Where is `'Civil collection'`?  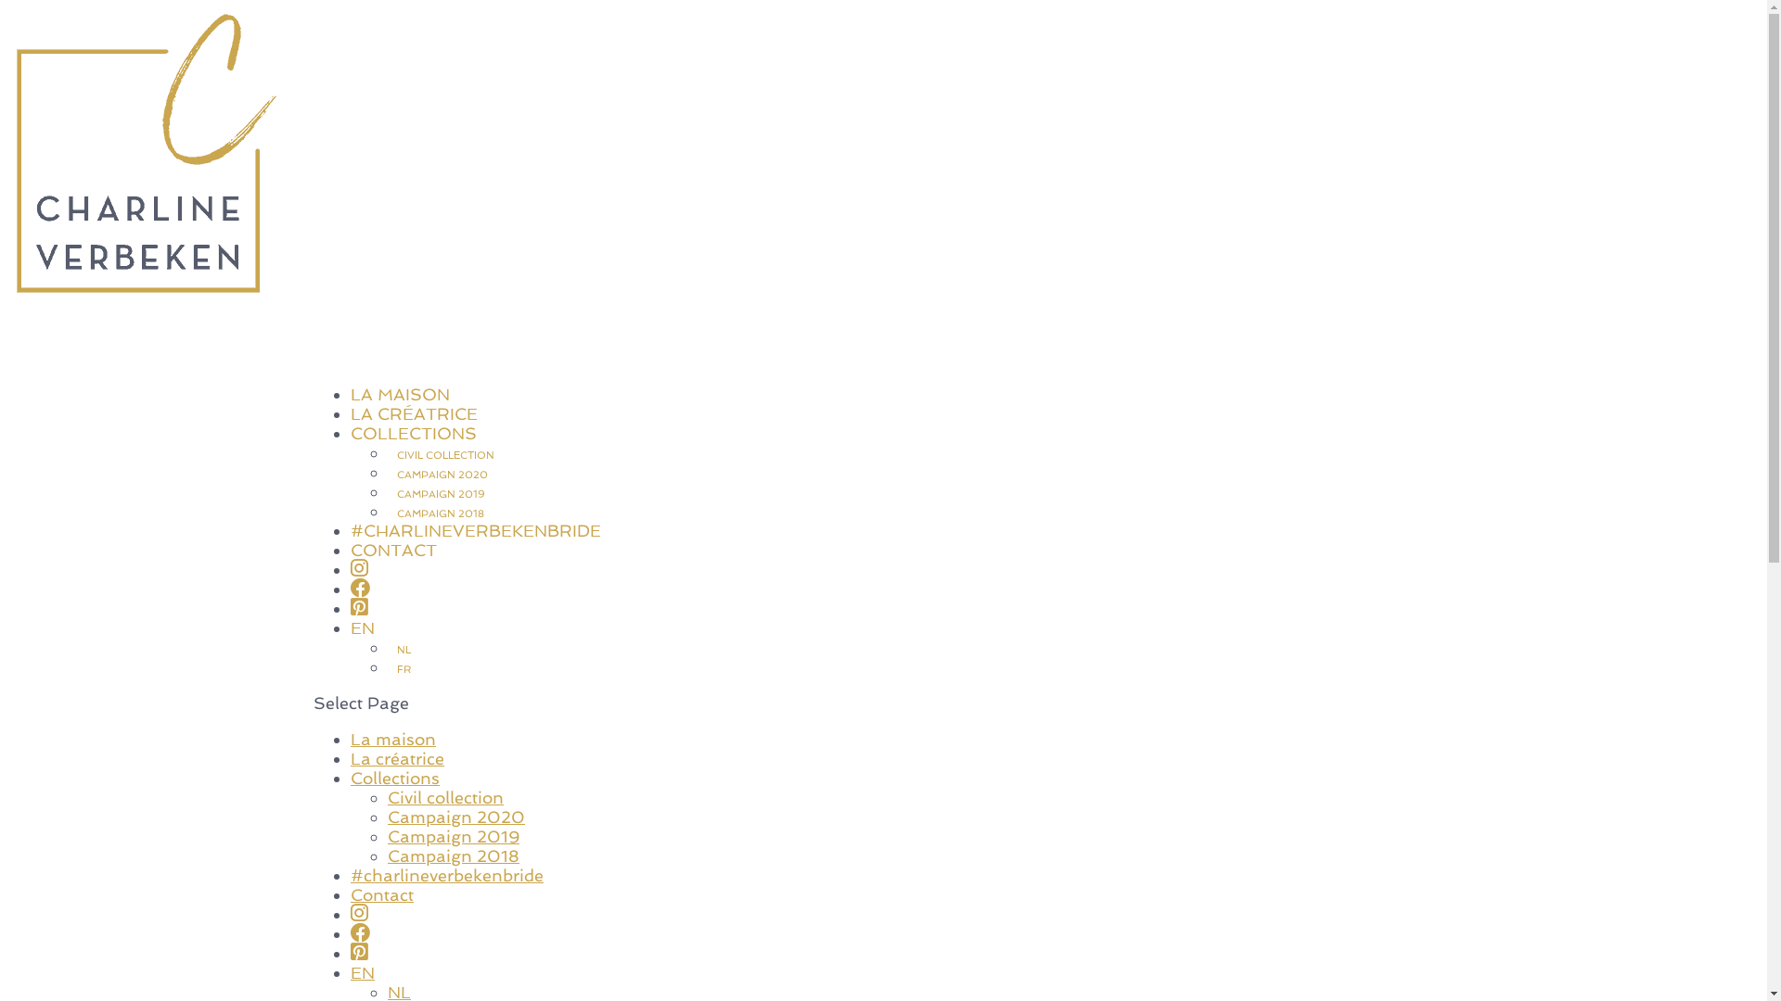 'Civil collection' is located at coordinates (386, 796).